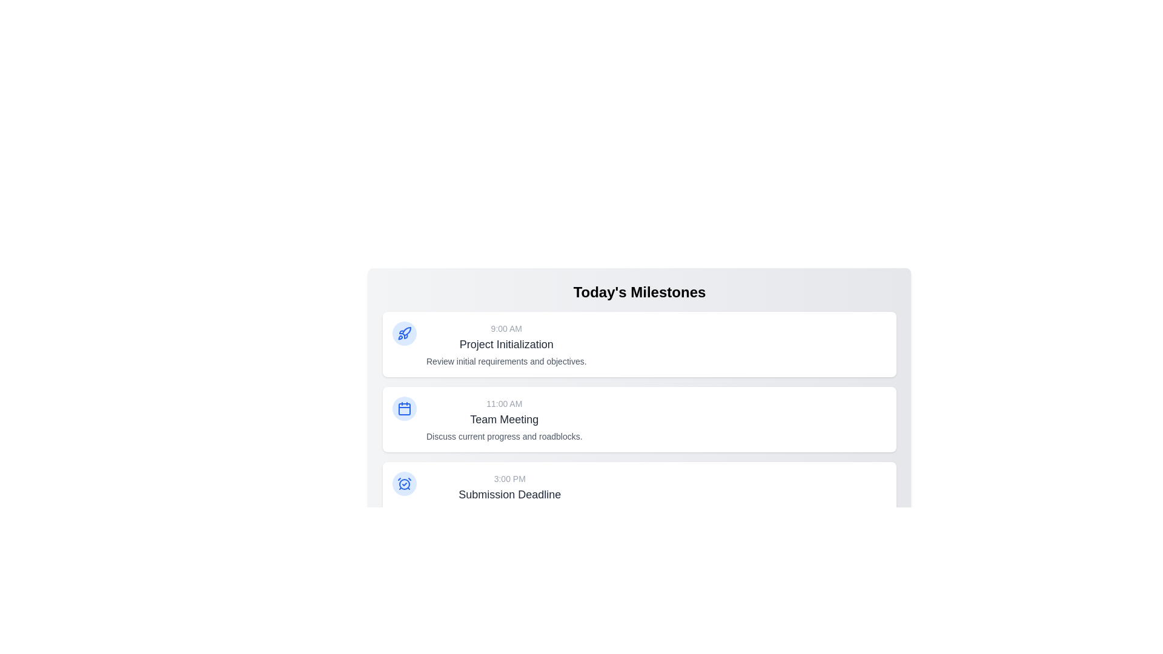 The width and height of the screenshot is (1163, 654). What do you see at coordinates (506, 345) in the screenshot?
I see `the first milestone entry in the list, which includes time, title, and description, to provide information about the scheduled event` at bounding box center [506, 345].